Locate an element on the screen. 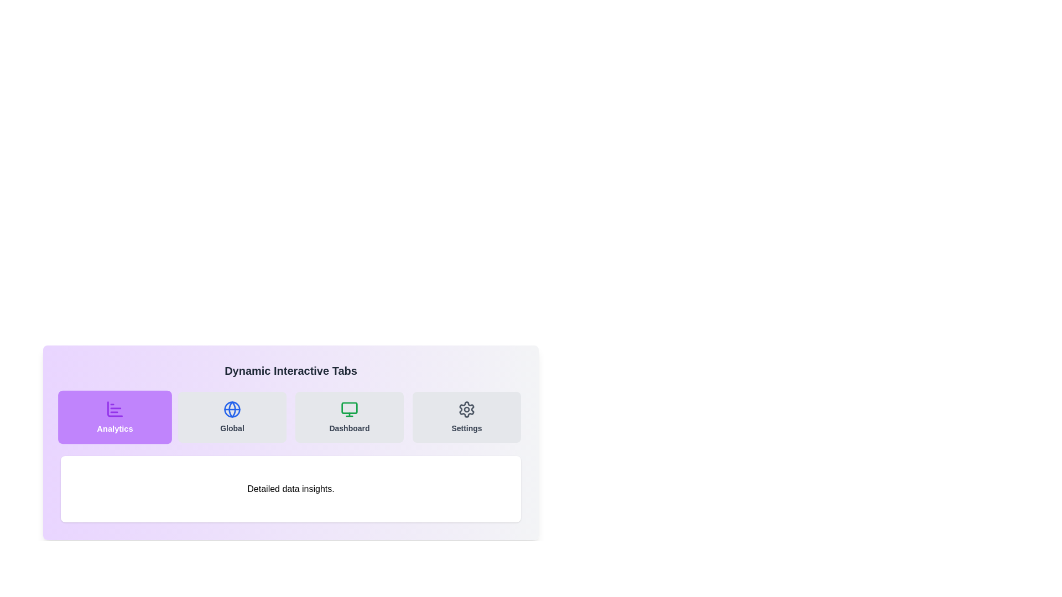 The width and height of the screenshot is (1062, 597). the 'Settings' button located in the bottom-right corner of the button grid to trigger visual feedback is located at coordinates (467, 417).